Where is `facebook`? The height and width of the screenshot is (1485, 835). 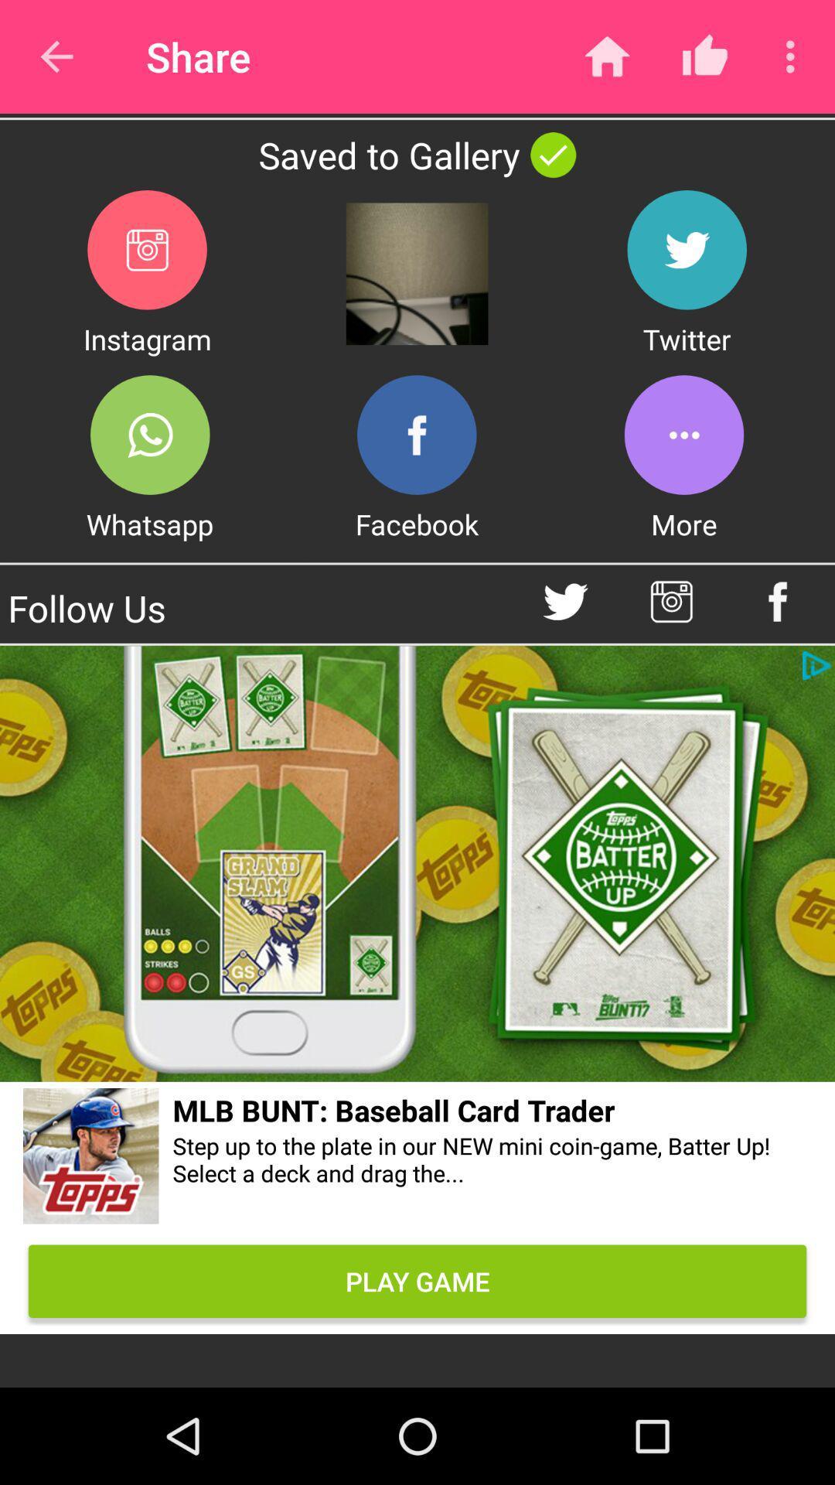
facebook is located at coordinates (416, 434).